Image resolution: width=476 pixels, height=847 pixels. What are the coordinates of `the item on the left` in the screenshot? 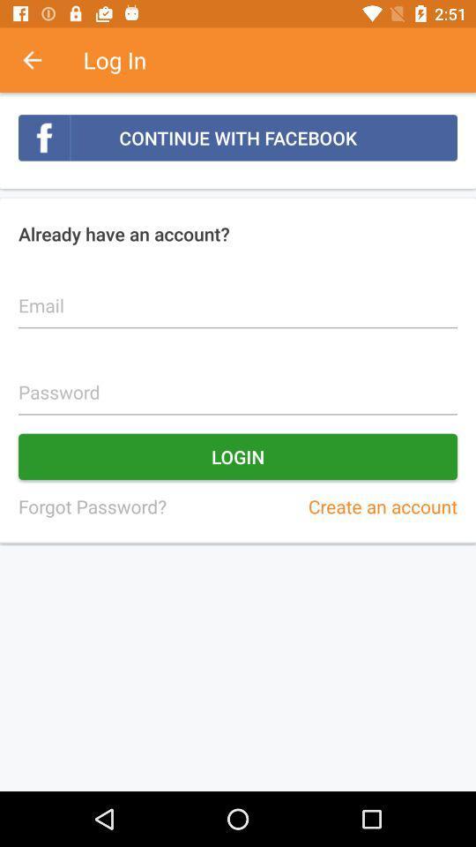 It's located at (92, 506).